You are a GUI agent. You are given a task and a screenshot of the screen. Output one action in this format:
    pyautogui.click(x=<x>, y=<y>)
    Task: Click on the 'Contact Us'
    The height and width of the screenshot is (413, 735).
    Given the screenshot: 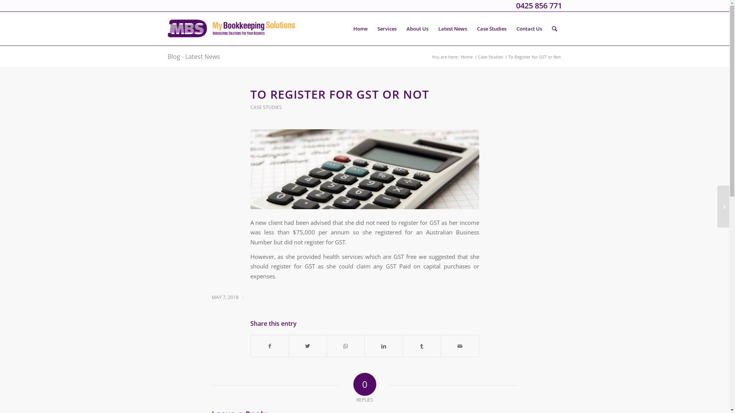 What is the action you would take?
    pyautogui.click(x=529, y=28)
    